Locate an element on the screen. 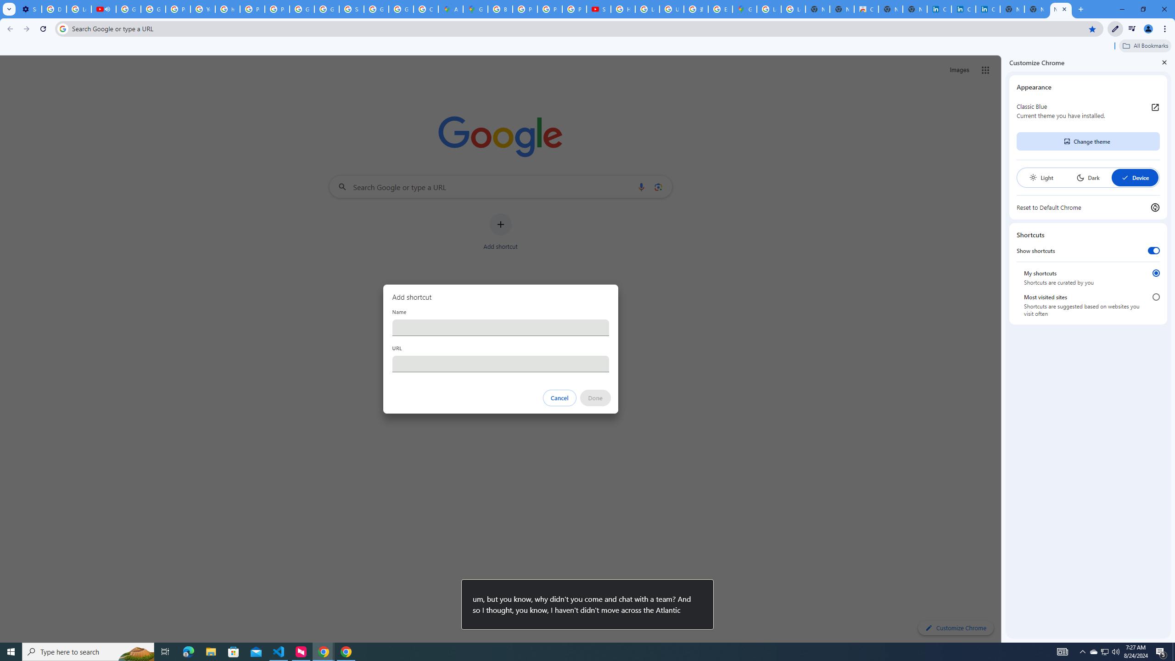 The width and height of the screenshot is (1175, 661). 'AutomationID: baseSvg' is located at coordinates (1125, 177).